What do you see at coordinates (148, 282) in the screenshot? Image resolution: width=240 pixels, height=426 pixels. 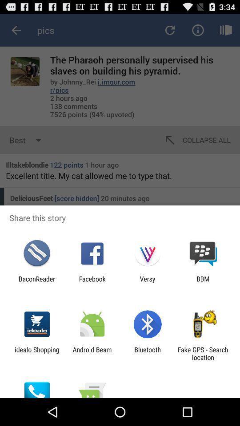 I see `icon to the right of the facebook` at bounding box center [148, 282].